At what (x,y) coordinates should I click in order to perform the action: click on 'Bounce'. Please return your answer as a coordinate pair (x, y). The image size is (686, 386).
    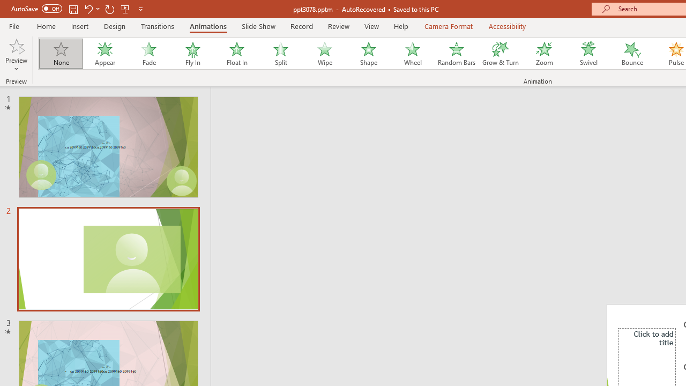
    Looking at the image, I should click on (632, 54).